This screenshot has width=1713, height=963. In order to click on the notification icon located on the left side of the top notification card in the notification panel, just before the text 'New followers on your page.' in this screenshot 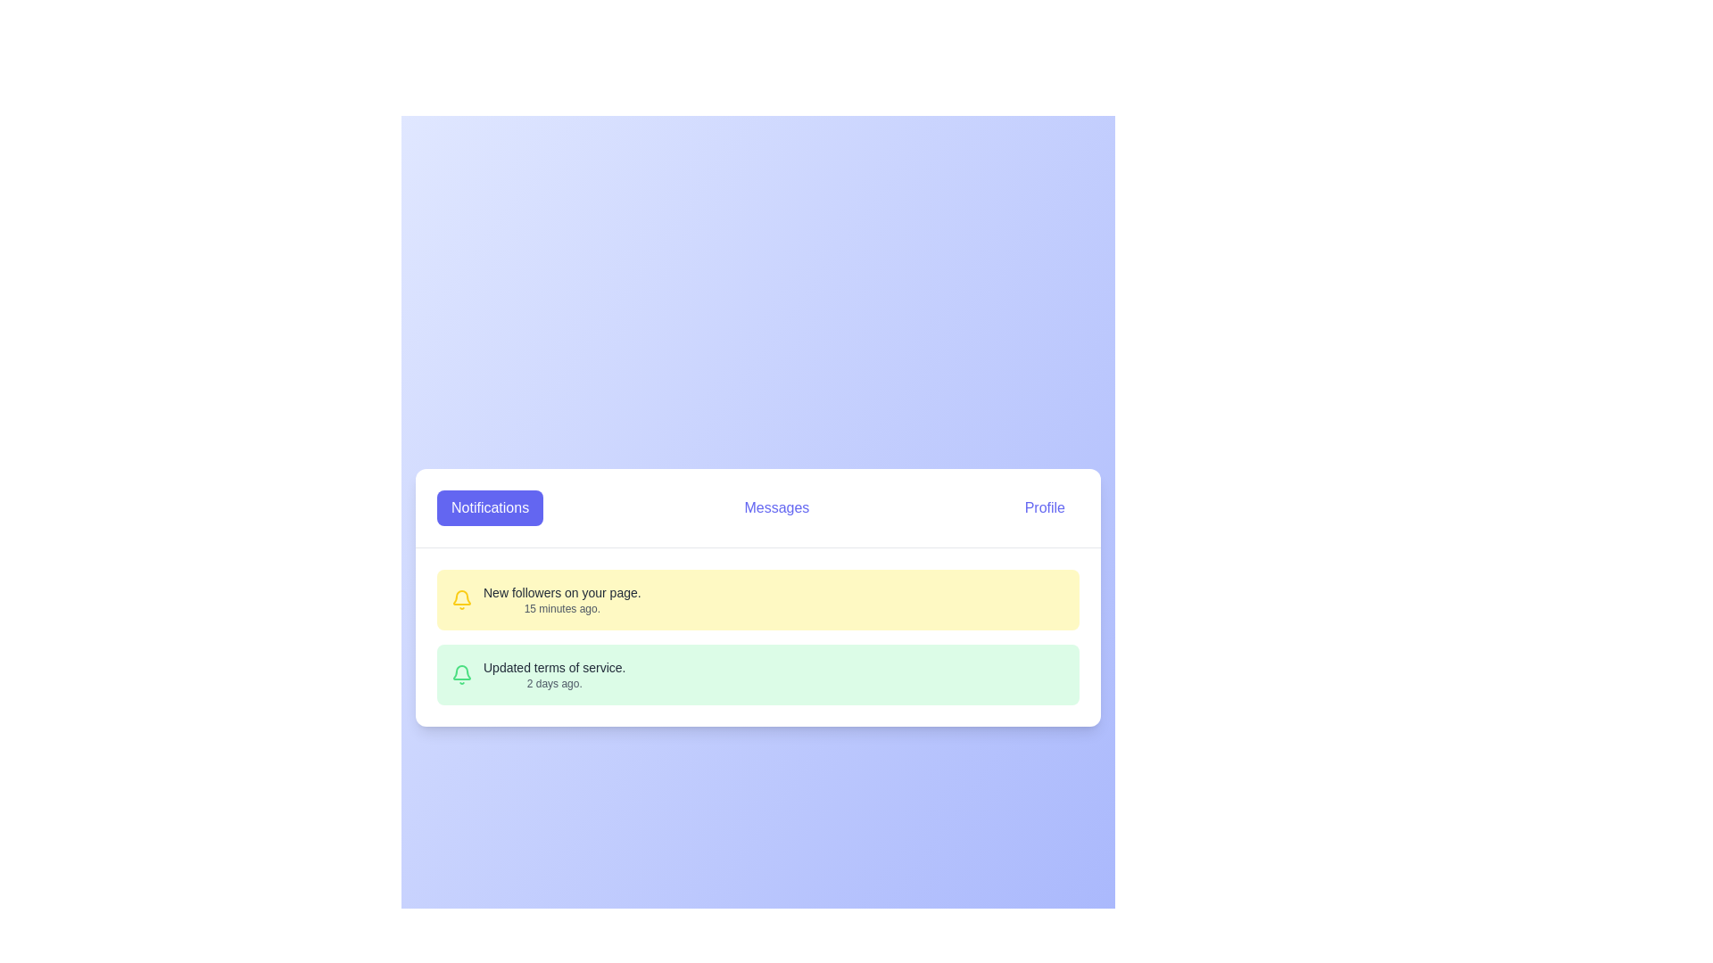, I will do `click(462, 598)`.